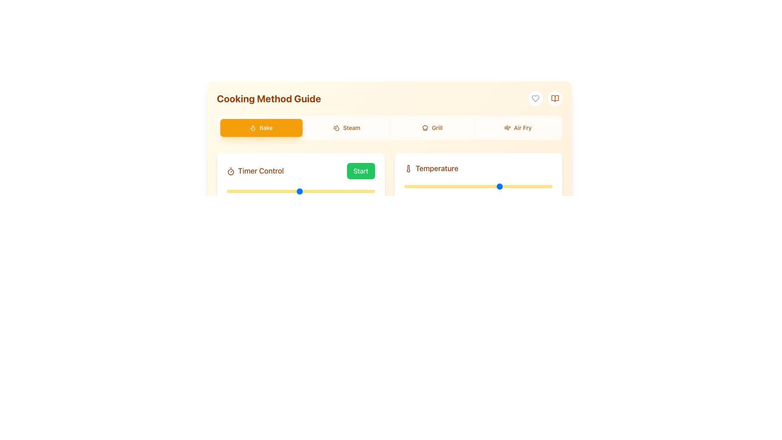 This screenshot has width=782, height=440. I want to click on the decorative flame icon on the left side of the 'Bake' button, which precedes the text 'Bake', so click(253, 128).